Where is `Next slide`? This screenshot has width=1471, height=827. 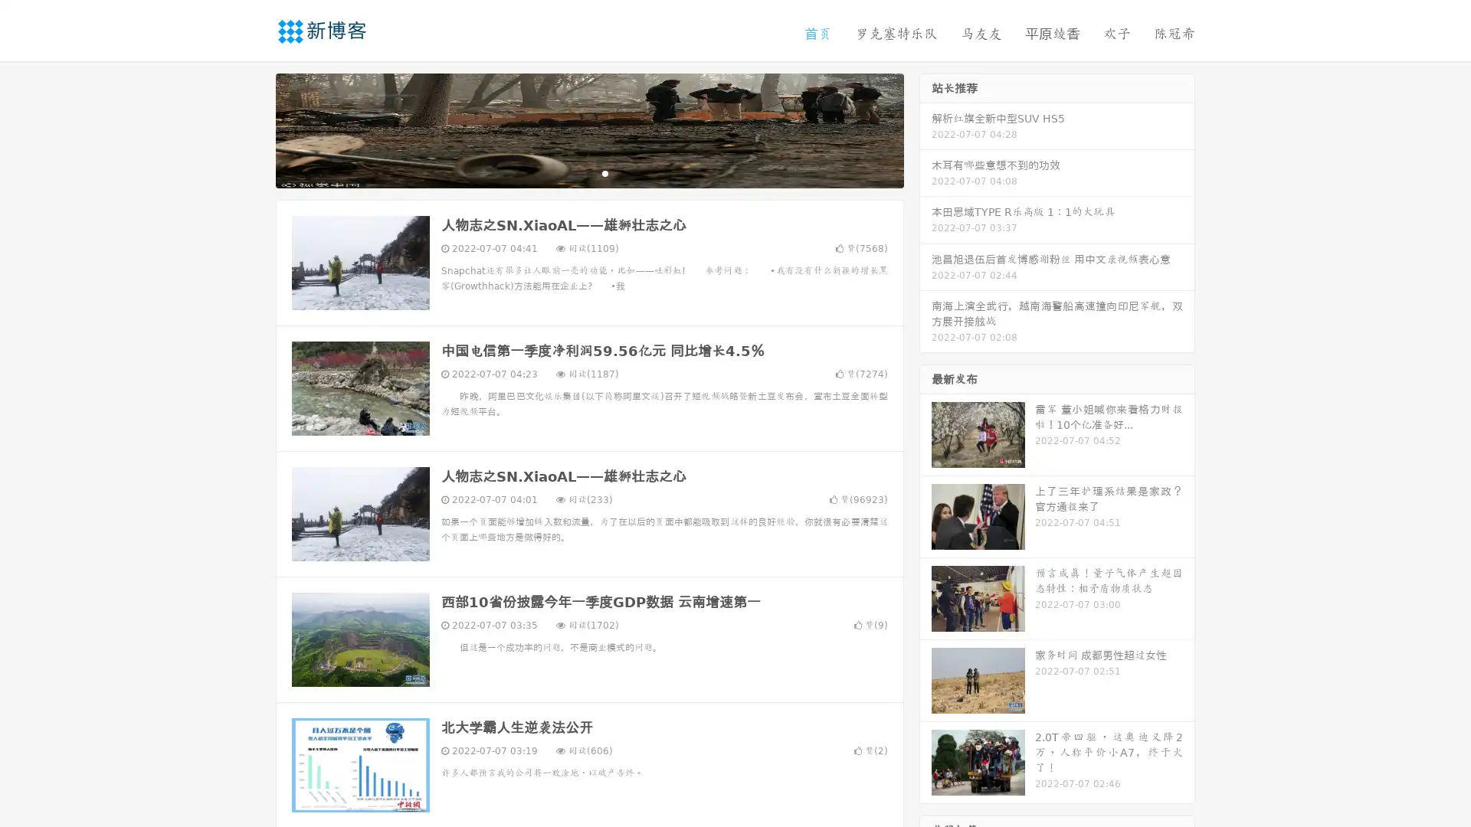 Next slide is located at coordinates (926, 129).